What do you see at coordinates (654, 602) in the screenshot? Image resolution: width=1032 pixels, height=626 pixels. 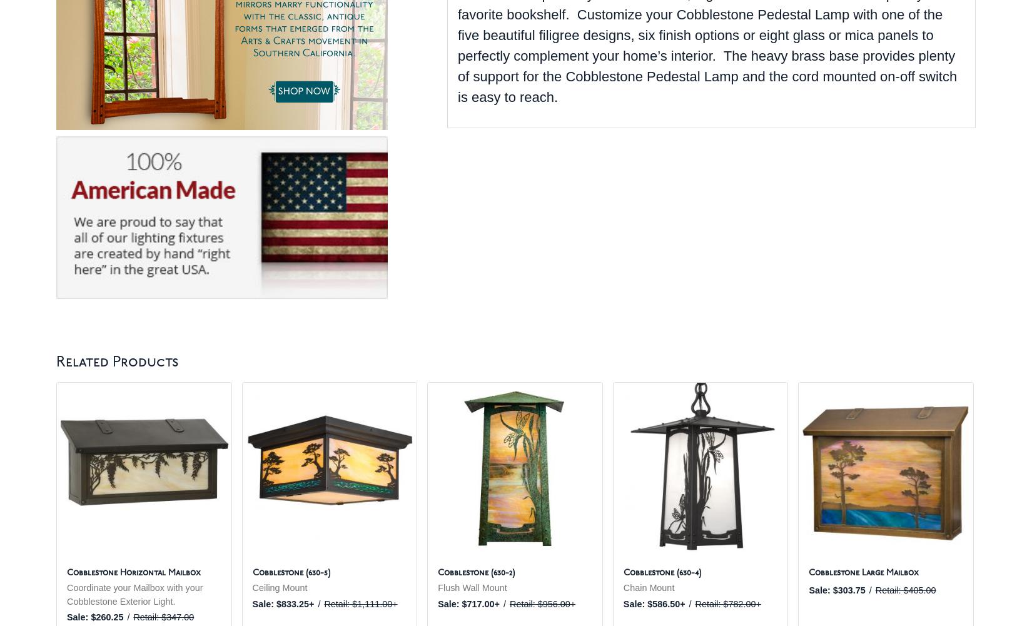 I see `'Sale: $586.50+'` at bounding box center [654, 602].